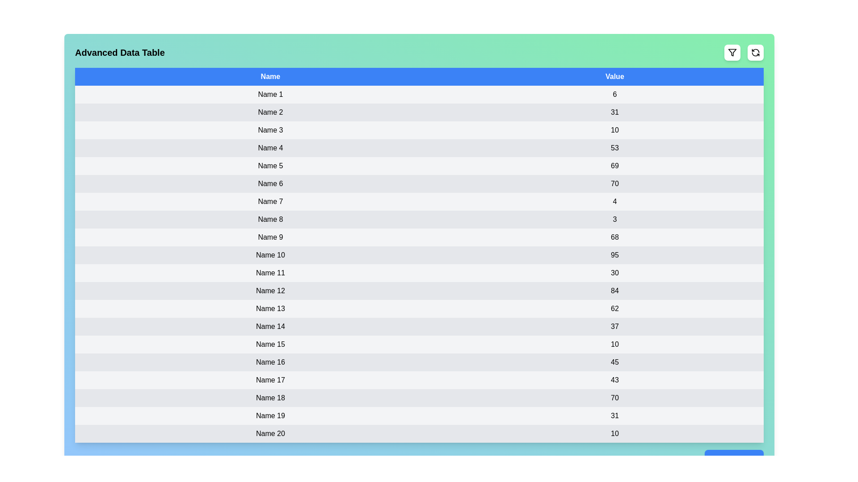  I want to click on the column header 'Name' to sort the table by that column, so click(270, 76).